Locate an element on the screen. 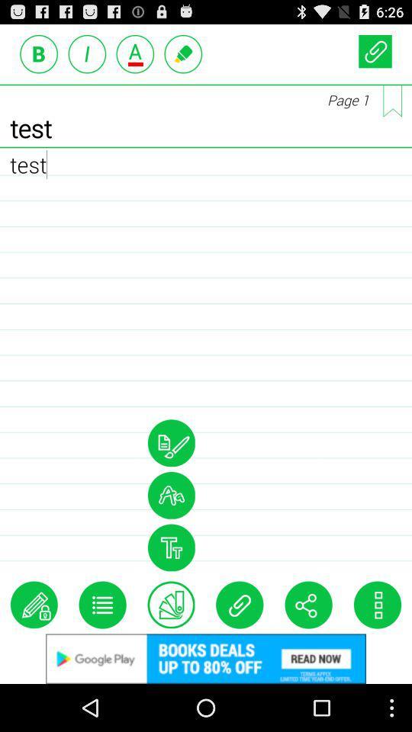 The image size is (412, 732). advertisement is located at coordinates (206, 658).